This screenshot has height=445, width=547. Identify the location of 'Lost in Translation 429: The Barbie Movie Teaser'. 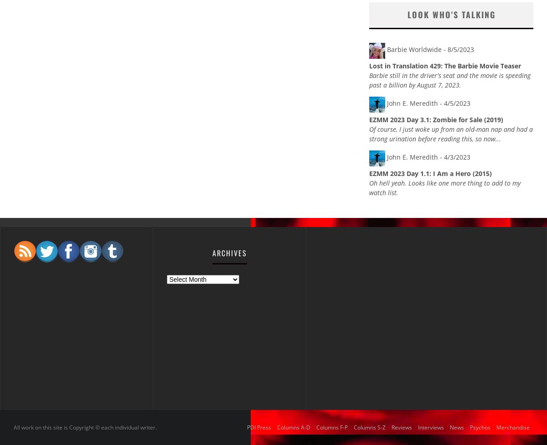
(369, 65).